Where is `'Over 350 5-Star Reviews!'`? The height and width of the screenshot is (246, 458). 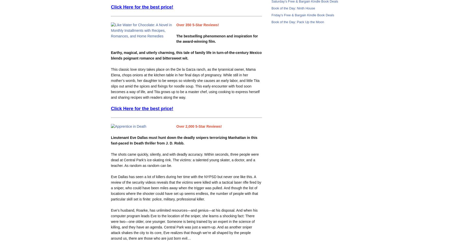 'Over 350 5-Star Reviews!' is located at coordinates (197, 24).